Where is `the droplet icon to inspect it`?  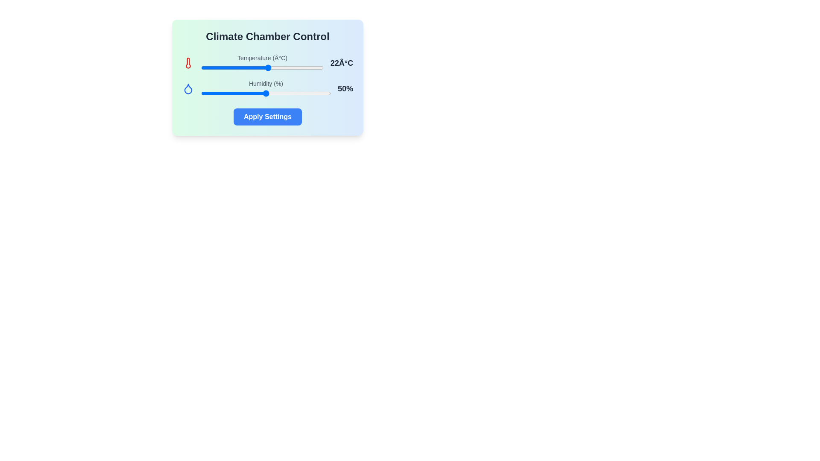 the droplet icon to inspect it is located at coordinates (188, 89).